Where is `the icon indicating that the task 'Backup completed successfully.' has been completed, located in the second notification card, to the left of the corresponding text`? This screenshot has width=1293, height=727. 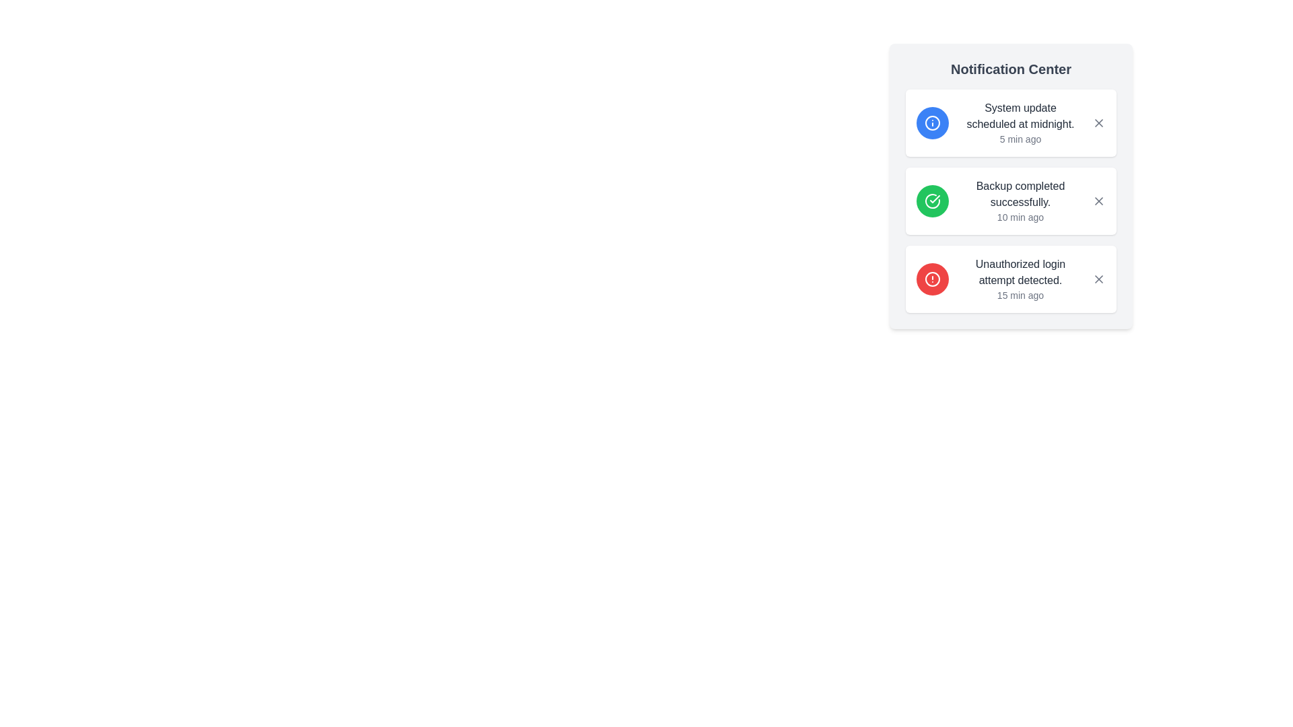
the icon indicating that the task 'Backup completed successfully.' has been completed, located in the second notification card, to the left of the corresponding text is located at coordinates (934, 199).